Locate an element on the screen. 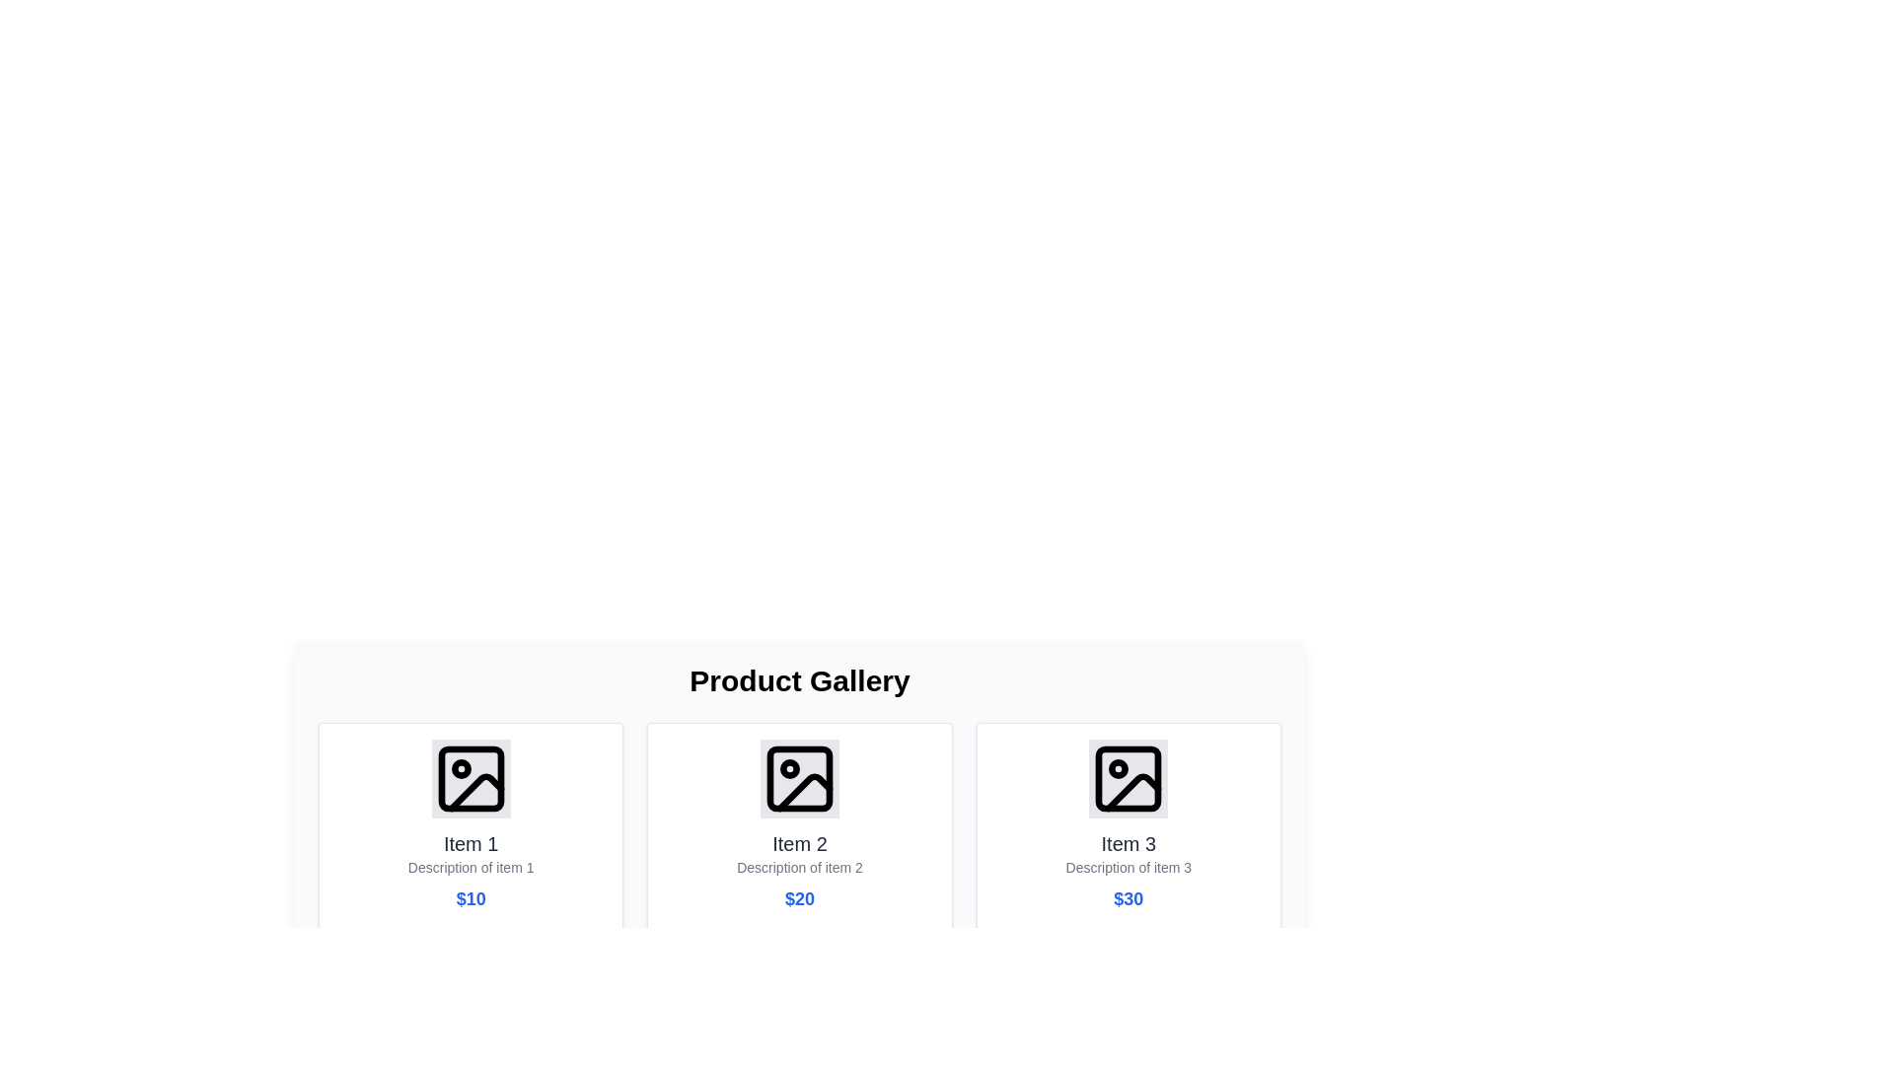 Image resolution: width=1894 pixels, height=1065 pixels. the static text label that reads 'Description of item 1', which is styled in a small gray font, located below the title 'Item 1' and above the price '$10' within the 'Item 1' card is located at coordinates (470, 866).